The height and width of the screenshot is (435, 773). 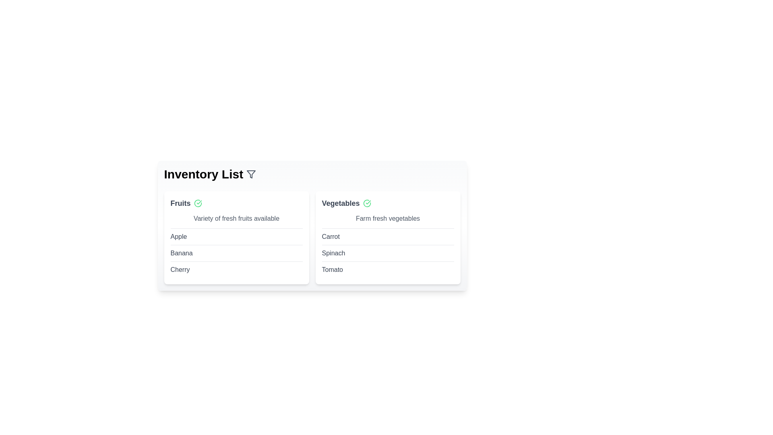 What do you see at coordinates (331, 236) in the screenshot?
I see `the item Carrot in the inventory` at bounding box center [331, 236].